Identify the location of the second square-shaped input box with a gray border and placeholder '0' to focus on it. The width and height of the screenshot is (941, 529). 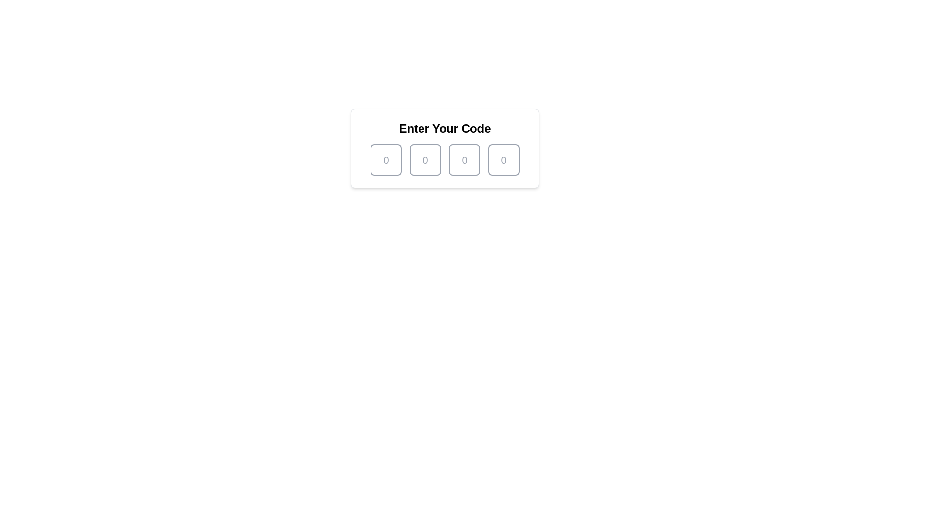
(425, 160).